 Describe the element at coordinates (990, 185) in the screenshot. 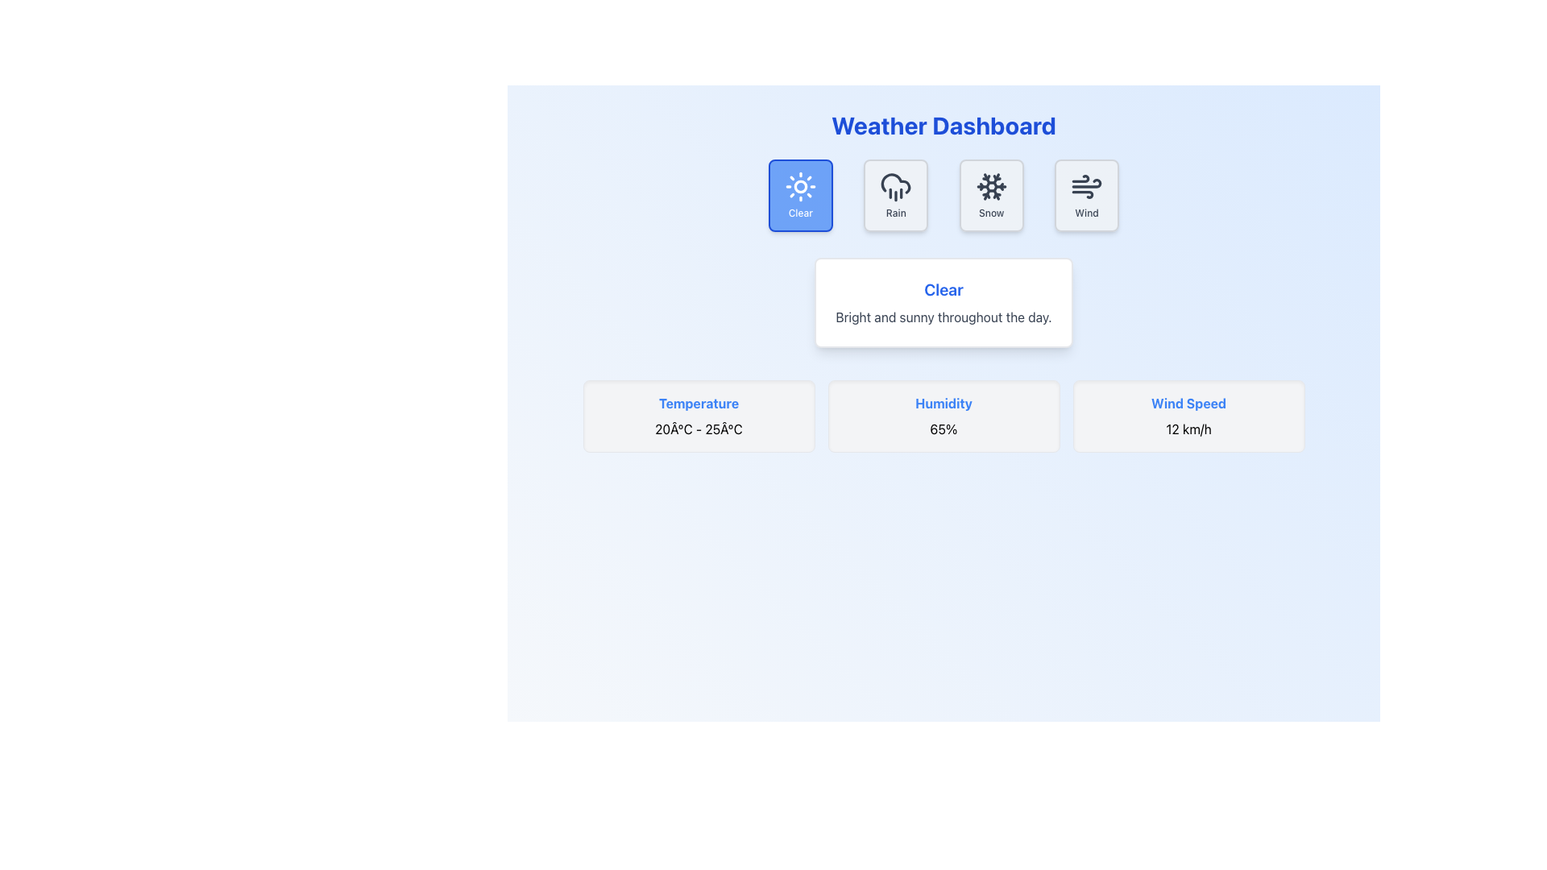

I see `the snowflake-shaped icon located in the third card labeled 'Snow'` at that location.